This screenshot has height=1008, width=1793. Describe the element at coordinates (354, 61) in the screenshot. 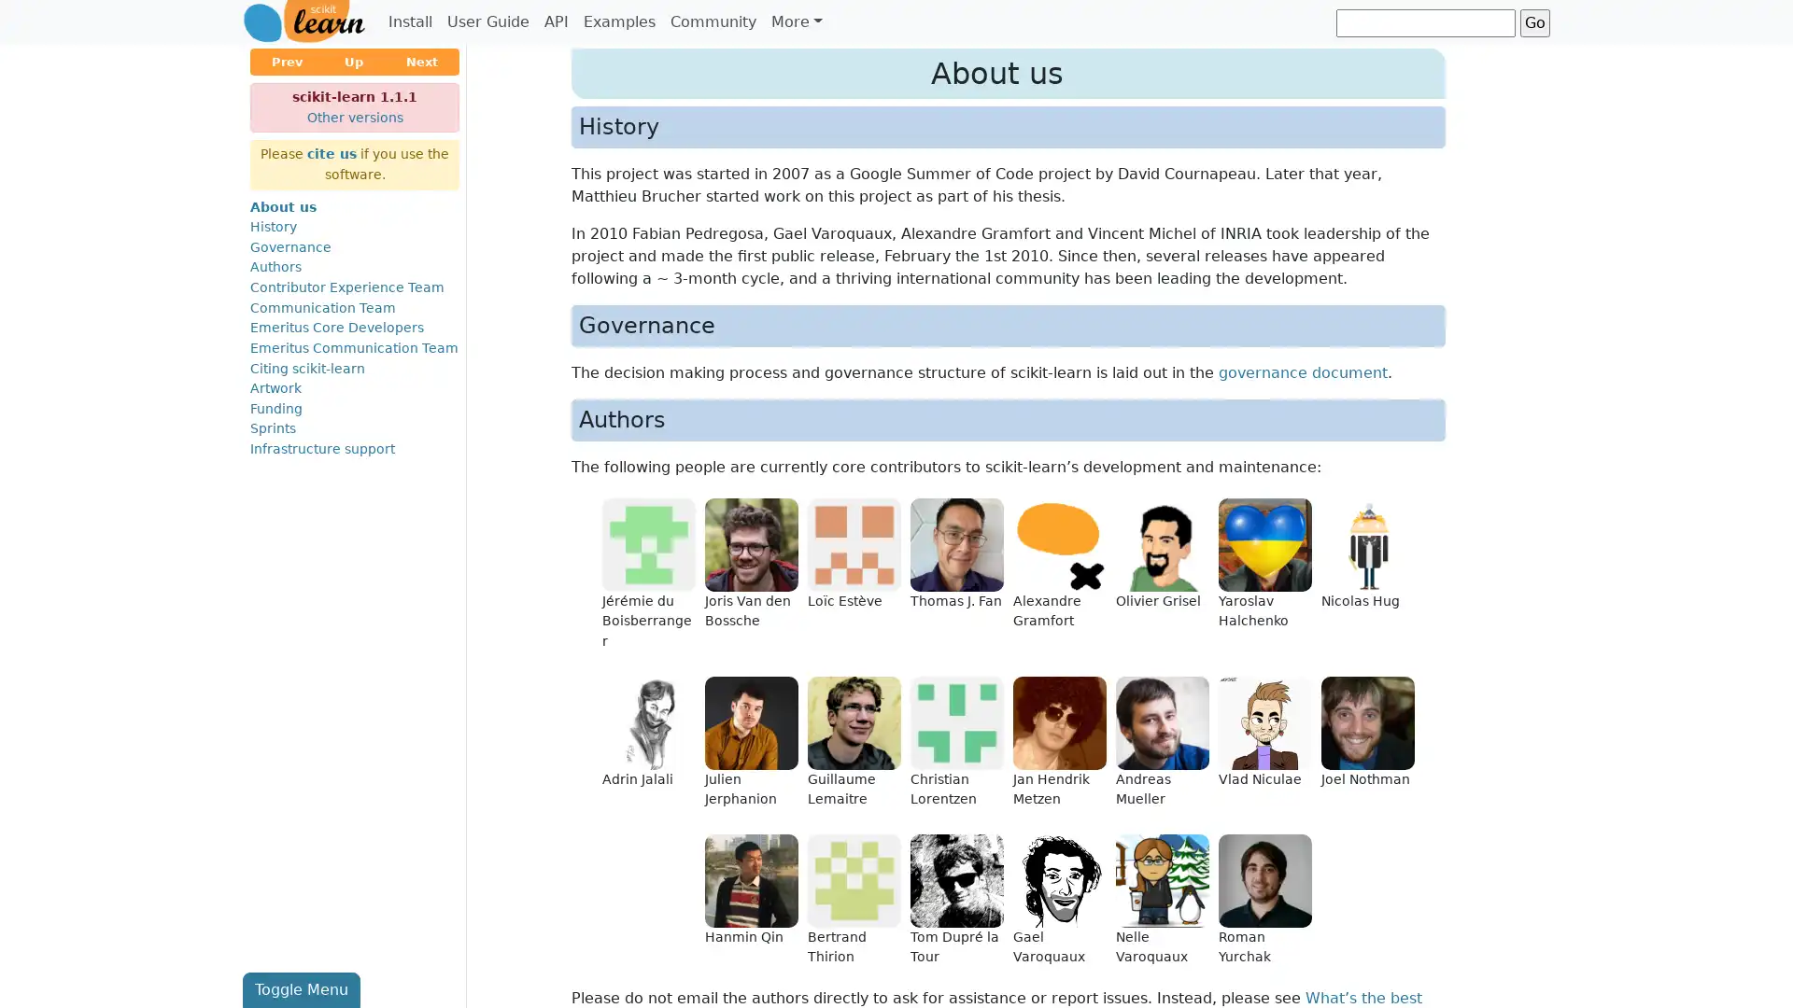

I see `Up` at that location.